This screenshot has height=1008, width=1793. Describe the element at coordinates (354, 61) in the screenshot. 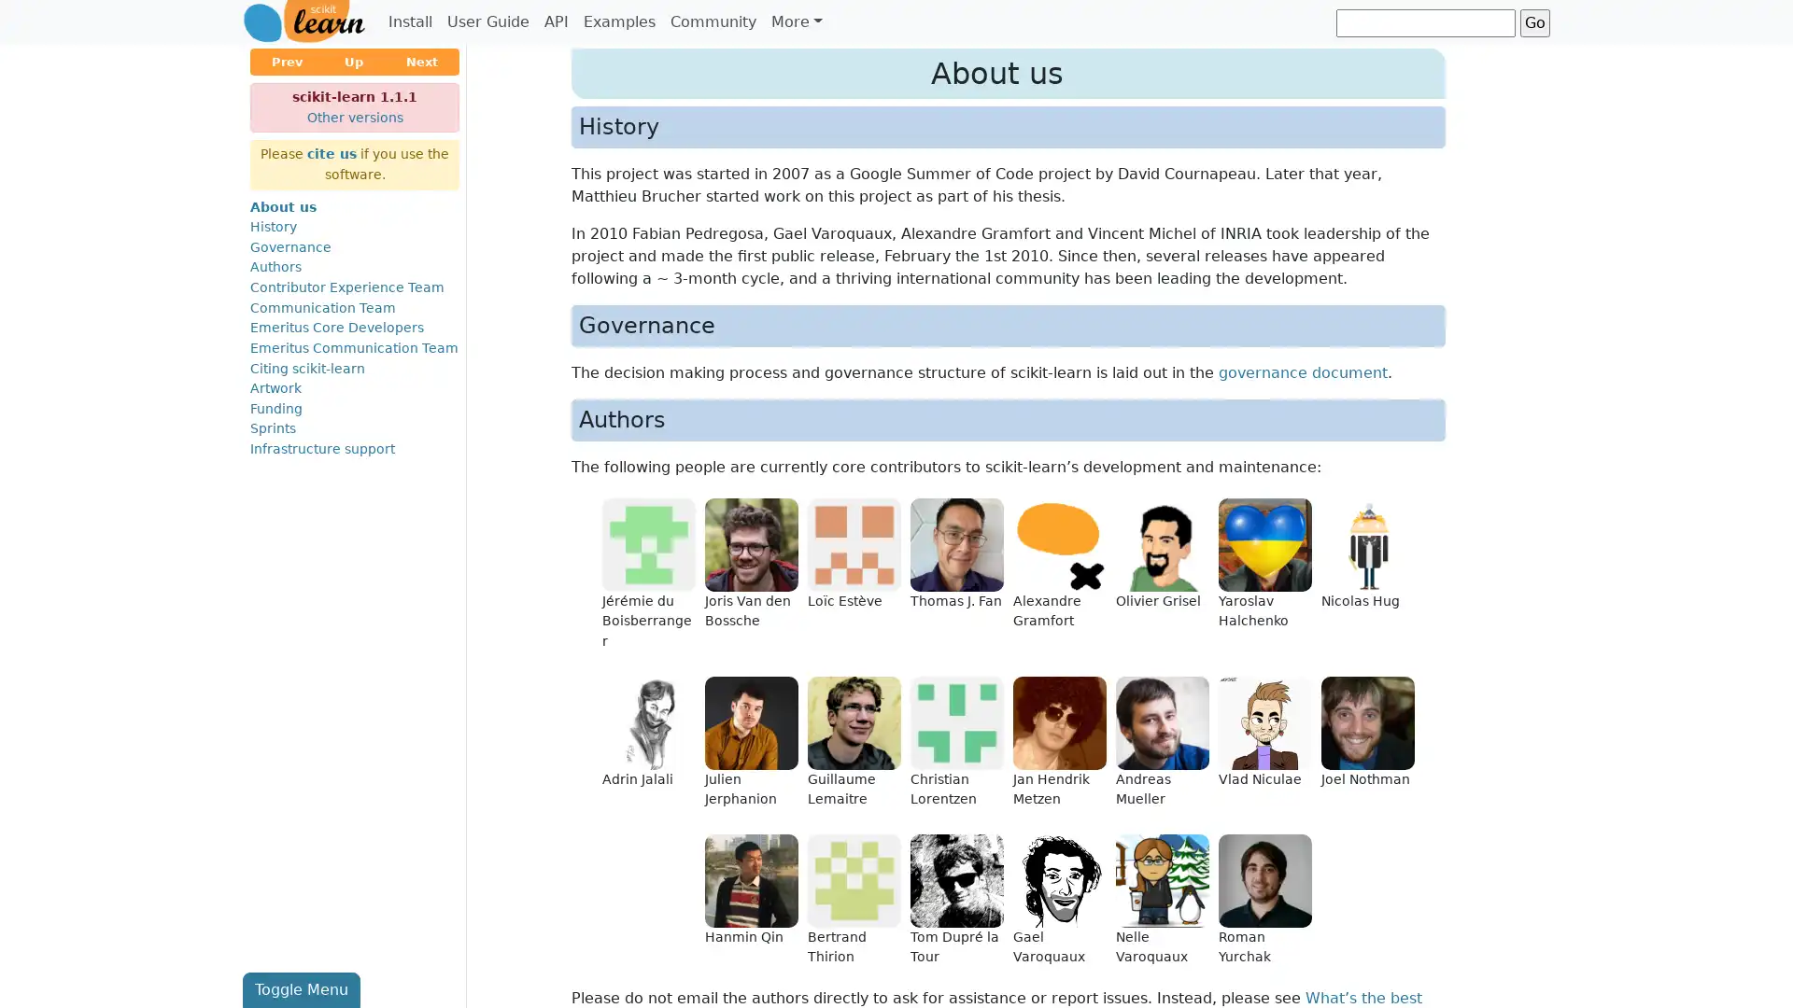

I see `Up` at that location.